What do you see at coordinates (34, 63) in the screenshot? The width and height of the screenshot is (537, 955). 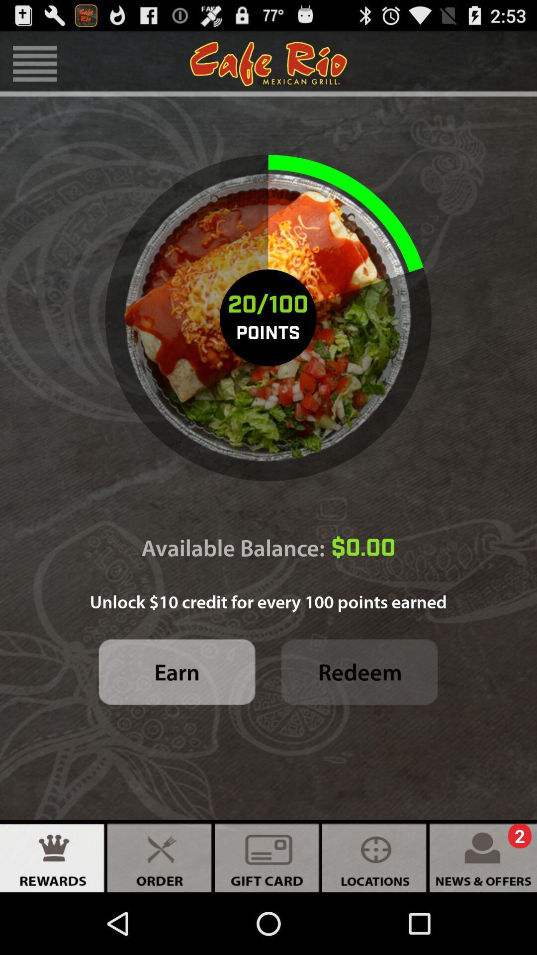 I see `icon at the top left corner` at bounding box center [34, 63].